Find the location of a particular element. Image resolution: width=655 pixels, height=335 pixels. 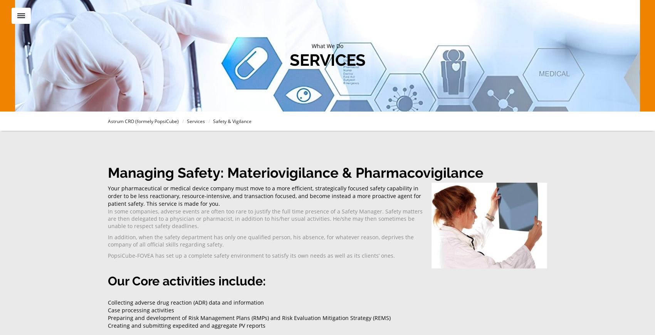

'Our Core activities include:' is located at coordinates (187, 280).